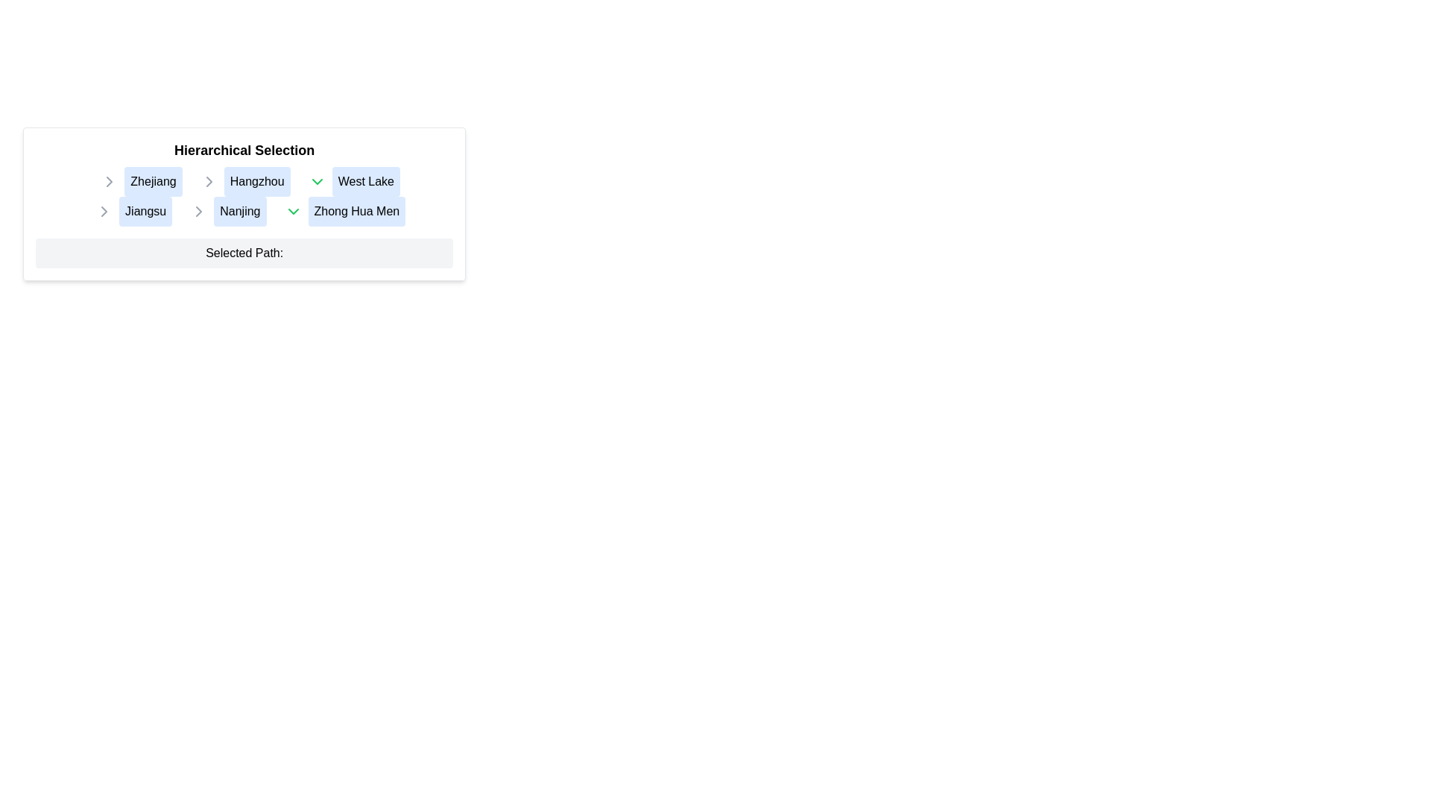 The image size is (1431, 805). I want to click on the selectable list item for 'Zhong Hua Men', located on the second row beneath the 'Nanjing' label, which has a green downward chevron icon to its left, so click(344, 212).